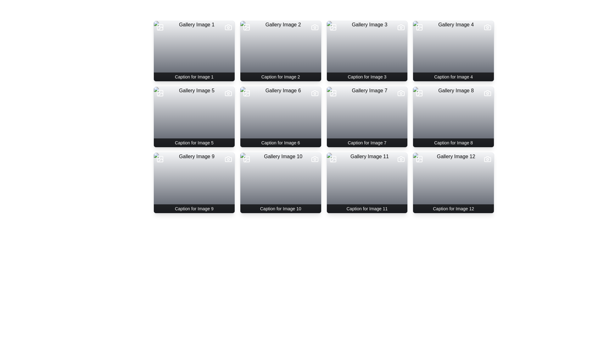  Describe the element at coordinates (487, 27) in the screenshot. I see `the camera icon located in the upper-right corner of the 'Gallery Image 4' card, which represents image-related functionality` at that location.